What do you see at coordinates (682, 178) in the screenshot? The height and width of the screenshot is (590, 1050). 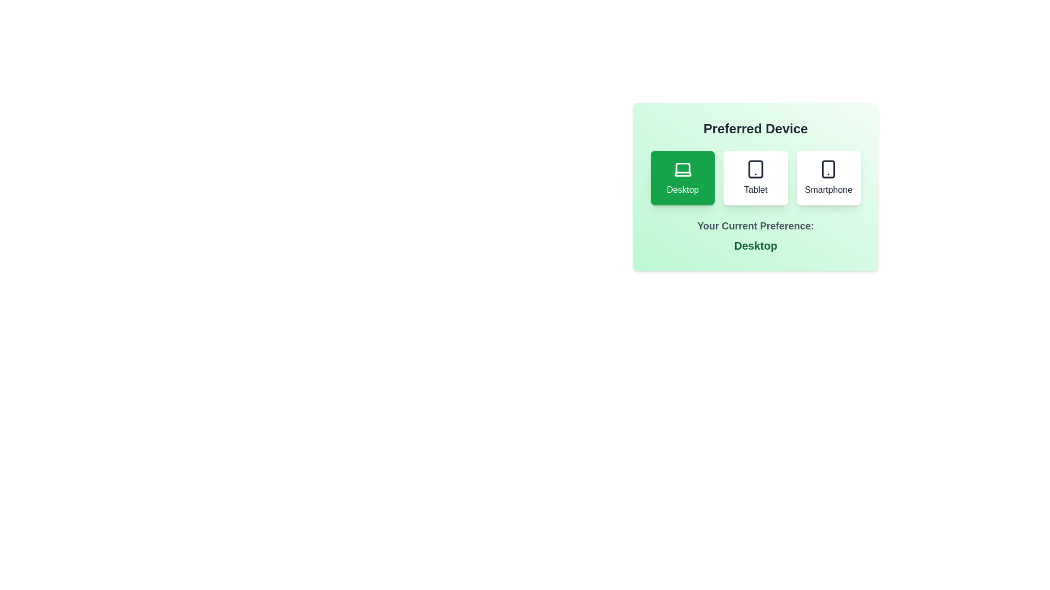 I see `the device preference by clicking the Desktop button` at bounding box center [682, 178].